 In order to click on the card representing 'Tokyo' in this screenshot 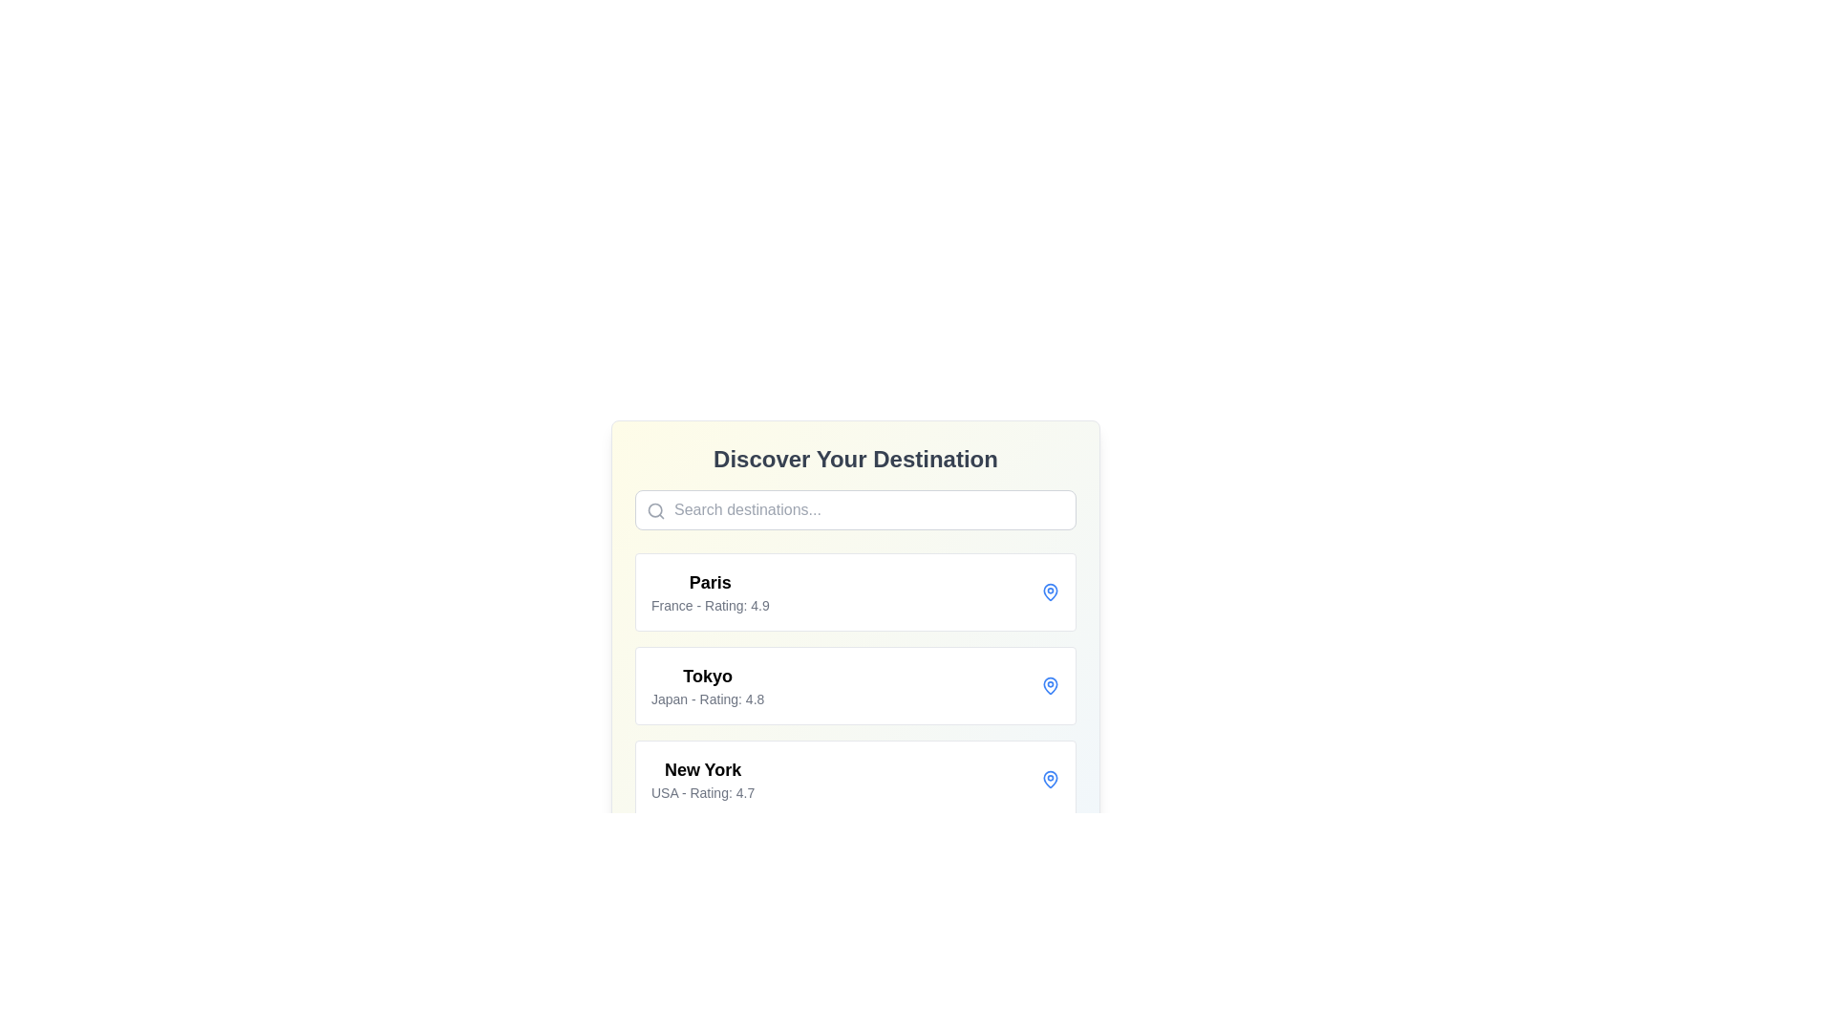, I will do `click(855, 684)`.